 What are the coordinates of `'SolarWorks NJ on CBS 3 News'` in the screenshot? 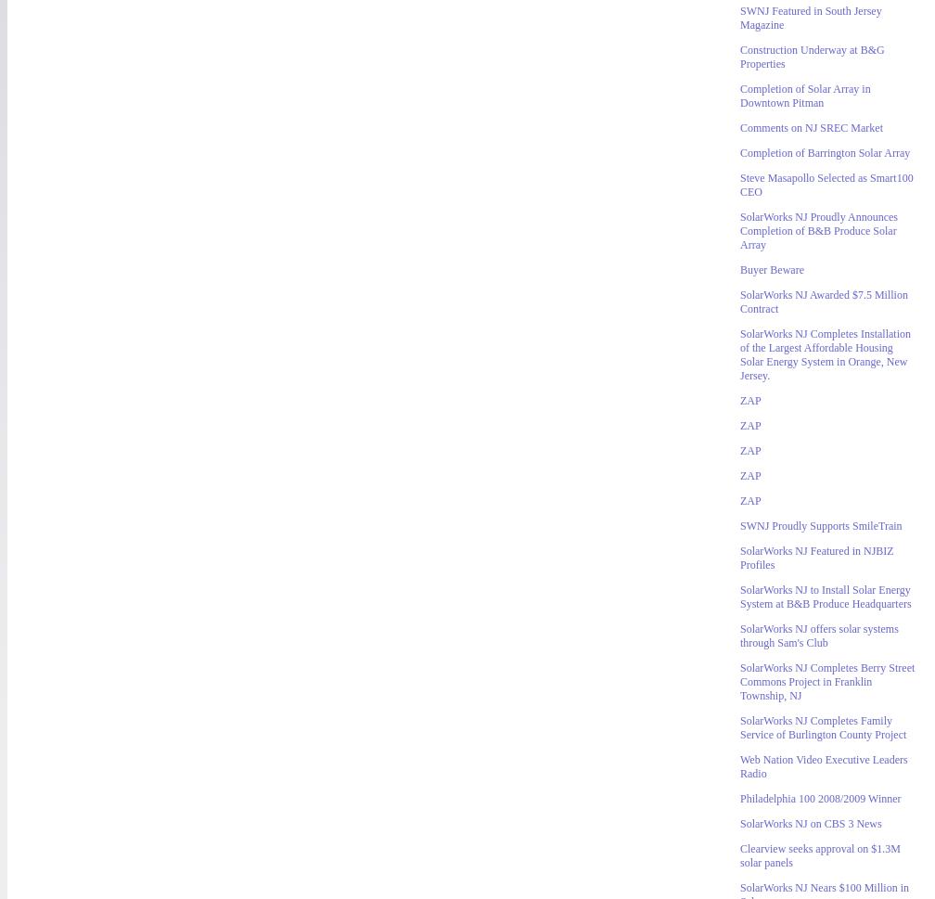 It's located at (811, 823).